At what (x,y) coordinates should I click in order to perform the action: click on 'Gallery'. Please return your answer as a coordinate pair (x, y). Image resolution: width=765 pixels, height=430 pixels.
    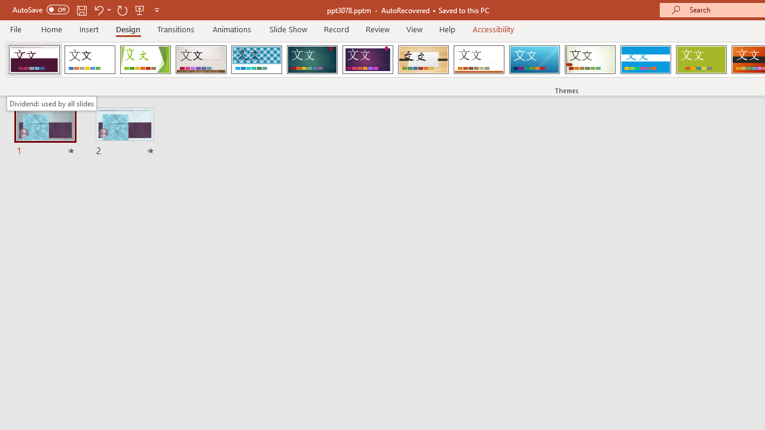
    Looking at the image, I should click on (201, 60).